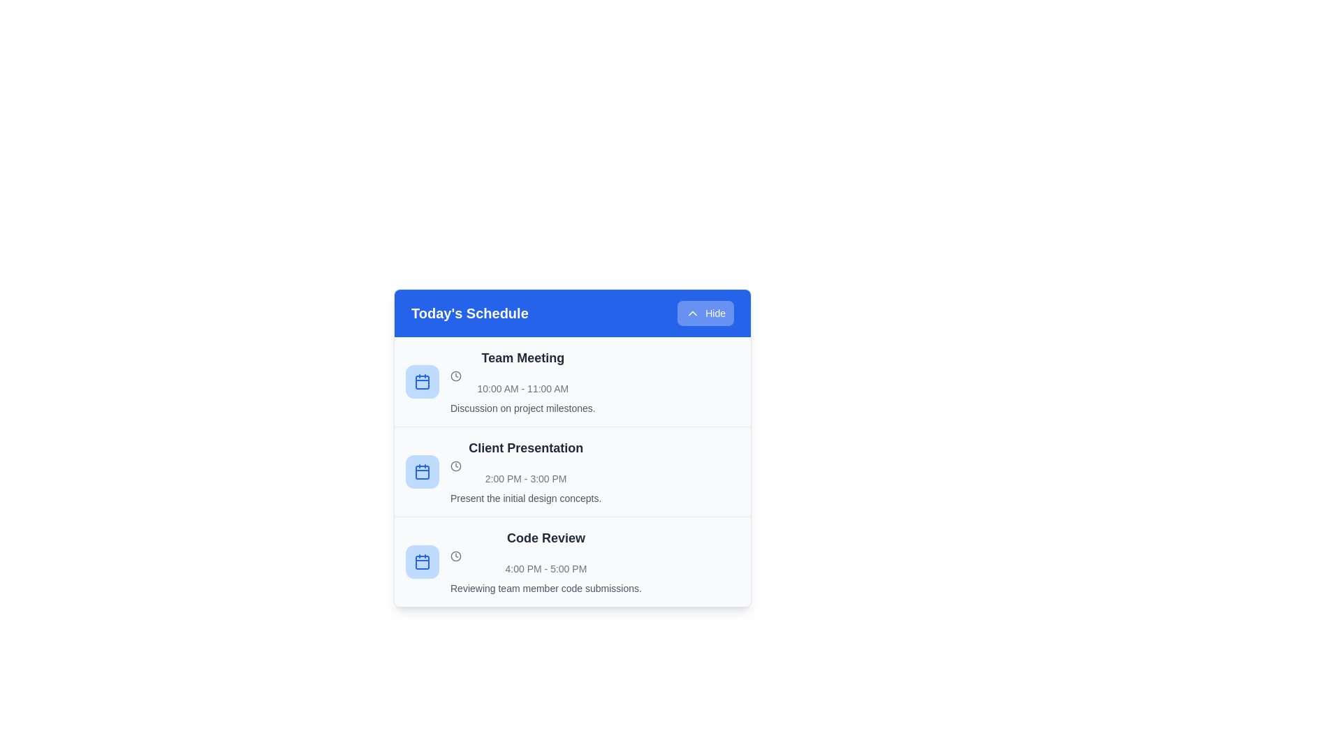  What do you see at coordinates (455, 556) in the screenshot?
I see `the small clock icon represented as an SVG graphic, which is located to the left of the timing text '4:00 PM - 5:00 PM' in the schedule panel for 'Code Review'` at bounding box center [455, 556].